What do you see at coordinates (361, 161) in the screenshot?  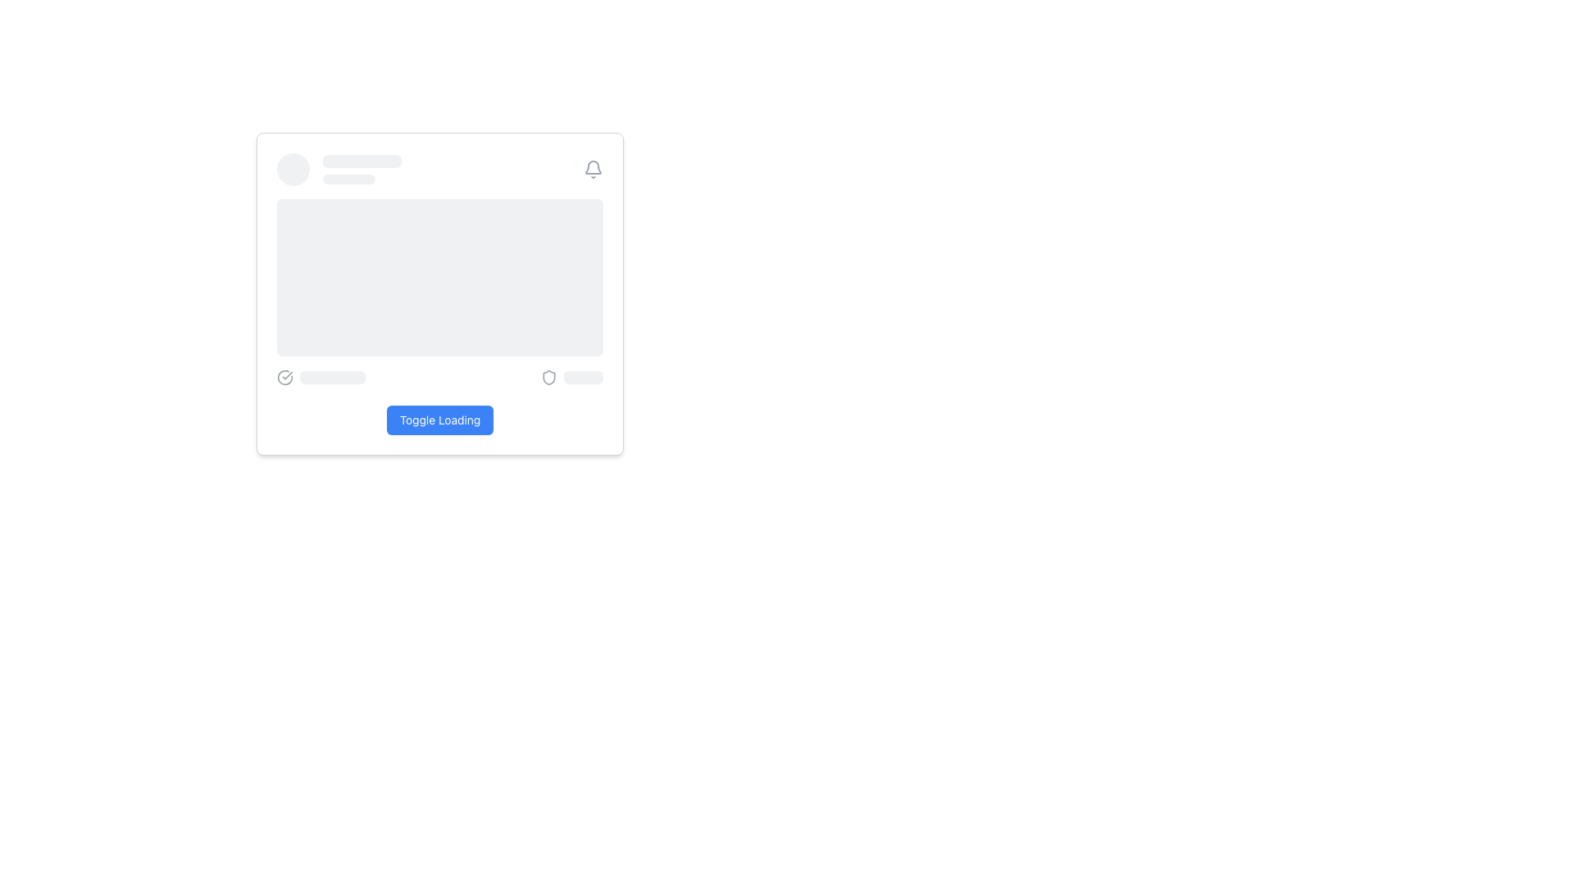 I see `the Skeleton Loader Placeholder located at the upper section of the interface, above a shorter placeholder and to the right of a circular profile placeholder` at bounding box center [361, 161].